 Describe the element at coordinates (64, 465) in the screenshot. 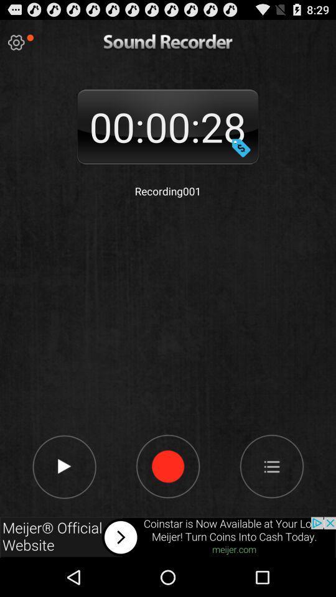

I see `next` at that location.